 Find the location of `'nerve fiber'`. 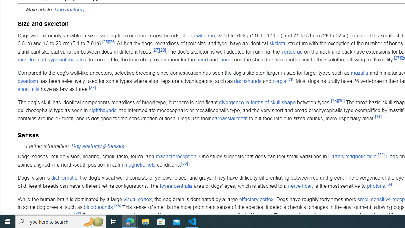

'nerve fiber' is located at coordinates (299, 186).